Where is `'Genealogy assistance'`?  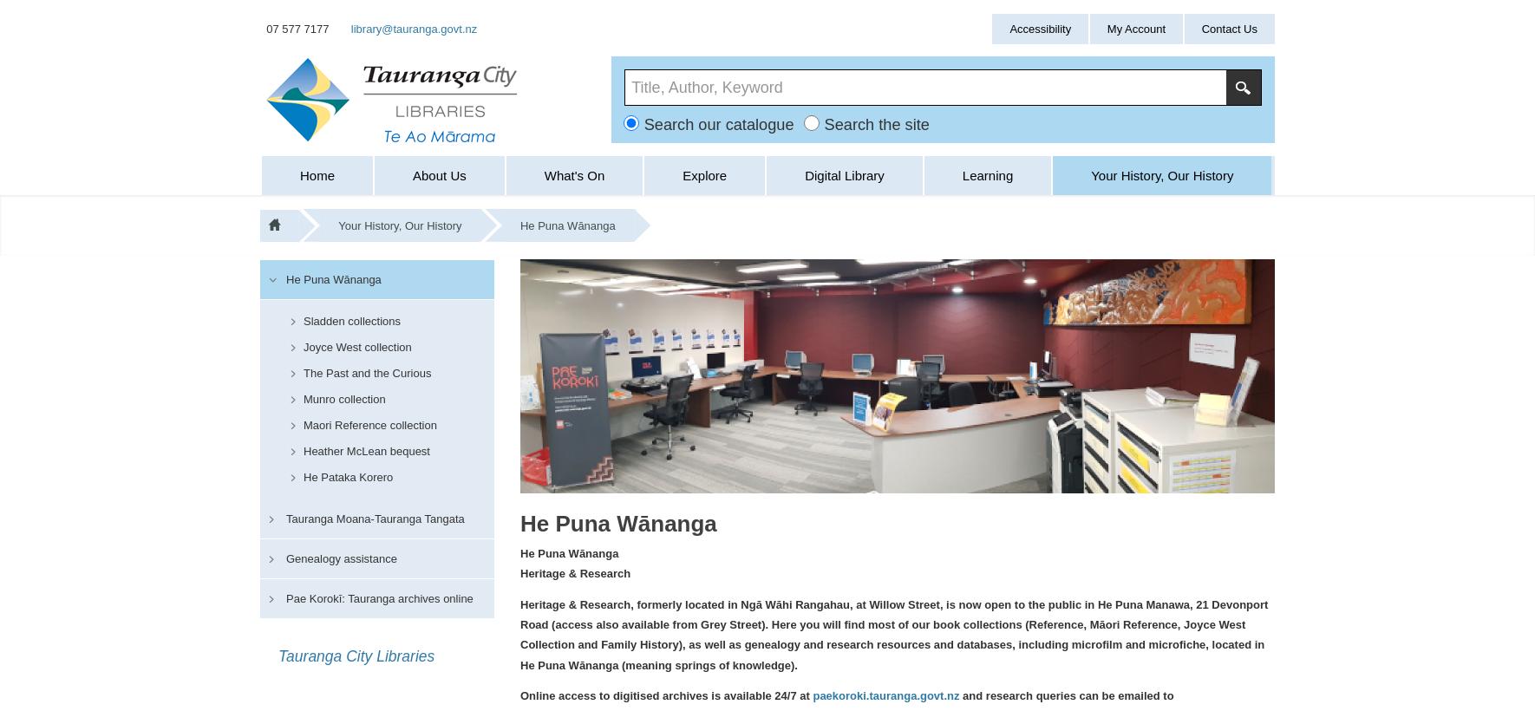 'Genealogy assistance' is located at coordinates (340, 557).